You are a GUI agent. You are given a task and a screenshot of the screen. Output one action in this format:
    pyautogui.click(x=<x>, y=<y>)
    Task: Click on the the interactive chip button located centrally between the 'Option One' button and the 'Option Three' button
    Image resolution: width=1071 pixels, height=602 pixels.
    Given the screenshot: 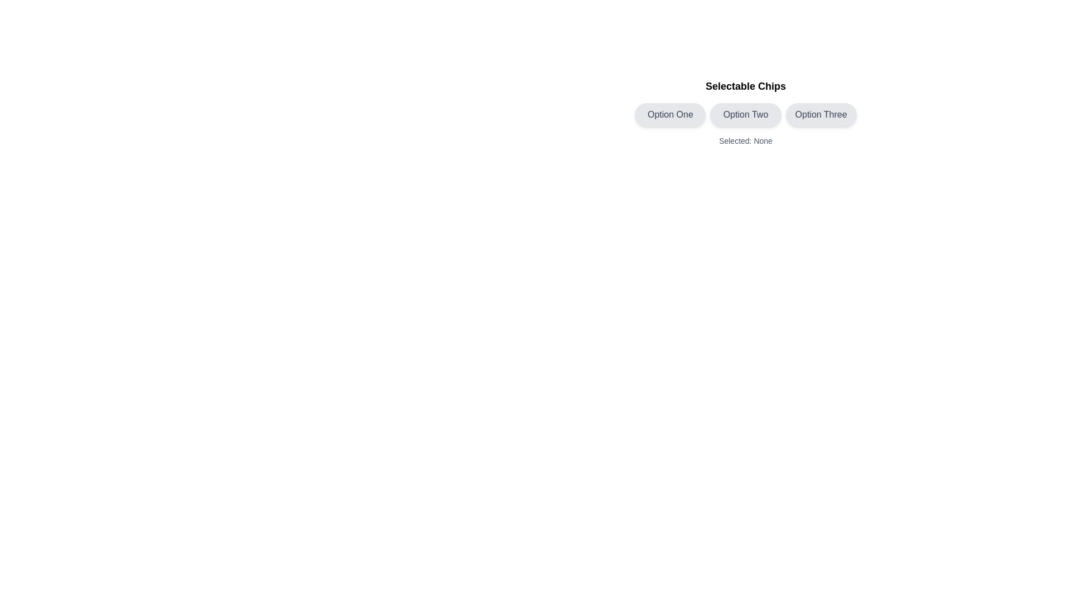 What is the action you would take?
    pyautogui.click(x=746, y=114)
    